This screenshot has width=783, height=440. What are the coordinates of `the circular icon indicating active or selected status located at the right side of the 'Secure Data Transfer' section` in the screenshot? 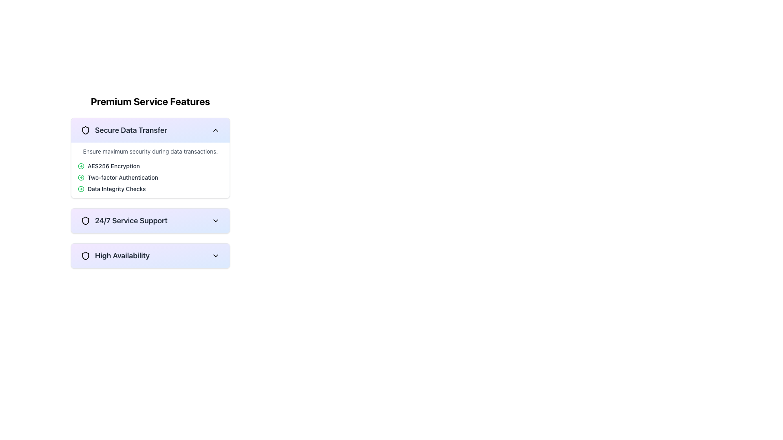 It's located at (81, 189).